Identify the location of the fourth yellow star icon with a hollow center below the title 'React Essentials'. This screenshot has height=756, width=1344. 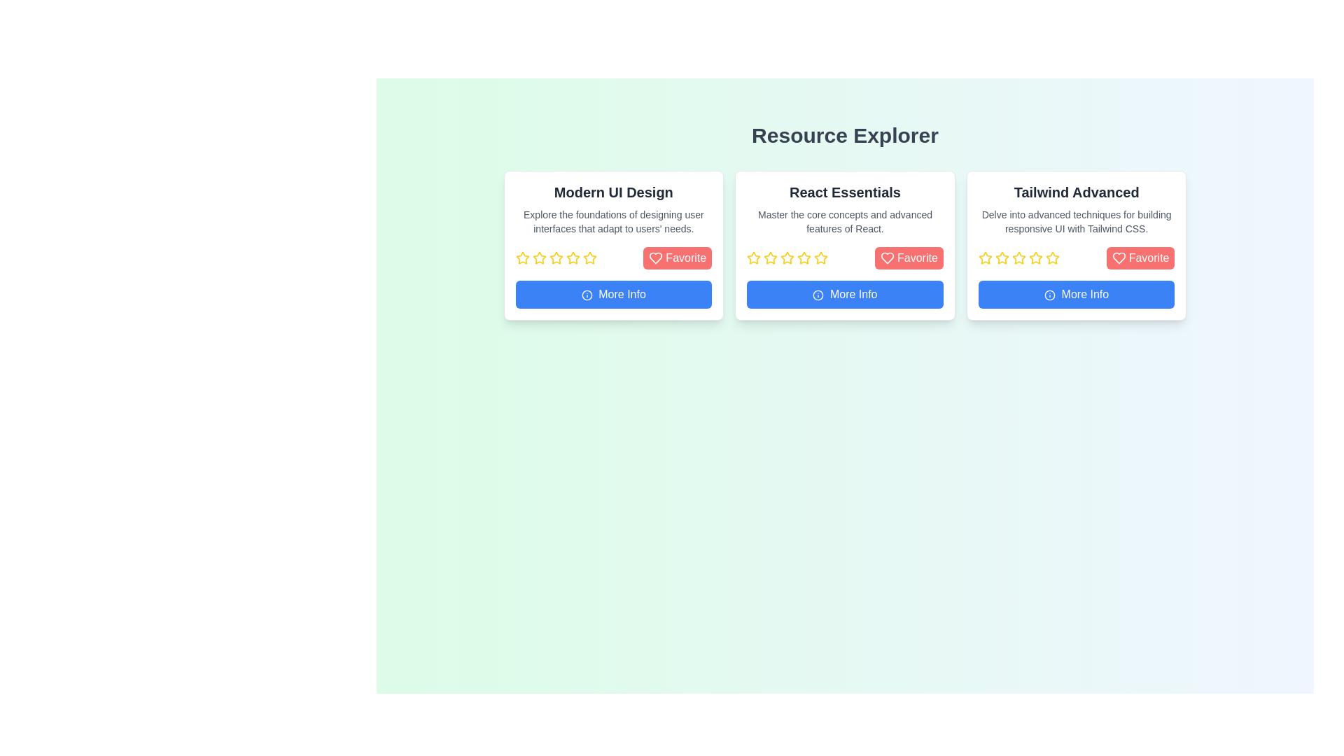
(787, 258).